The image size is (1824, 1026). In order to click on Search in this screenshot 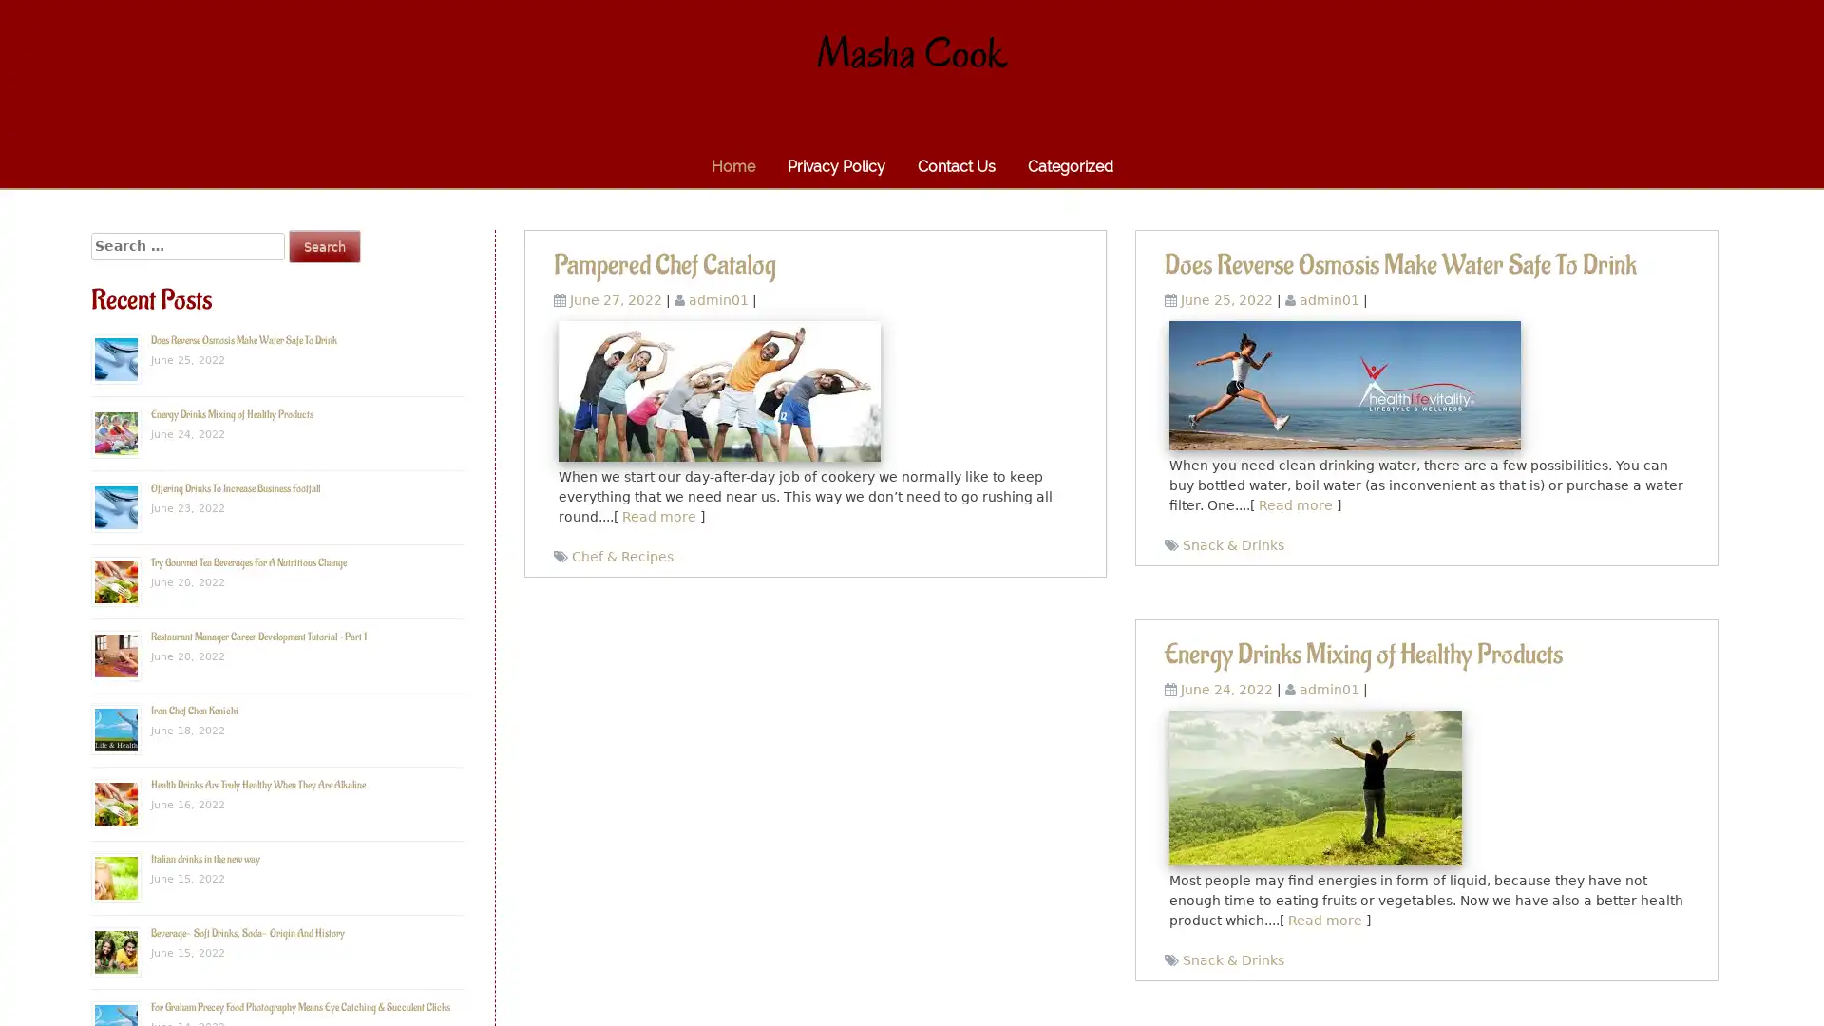, I will do `click(324, 245)`.